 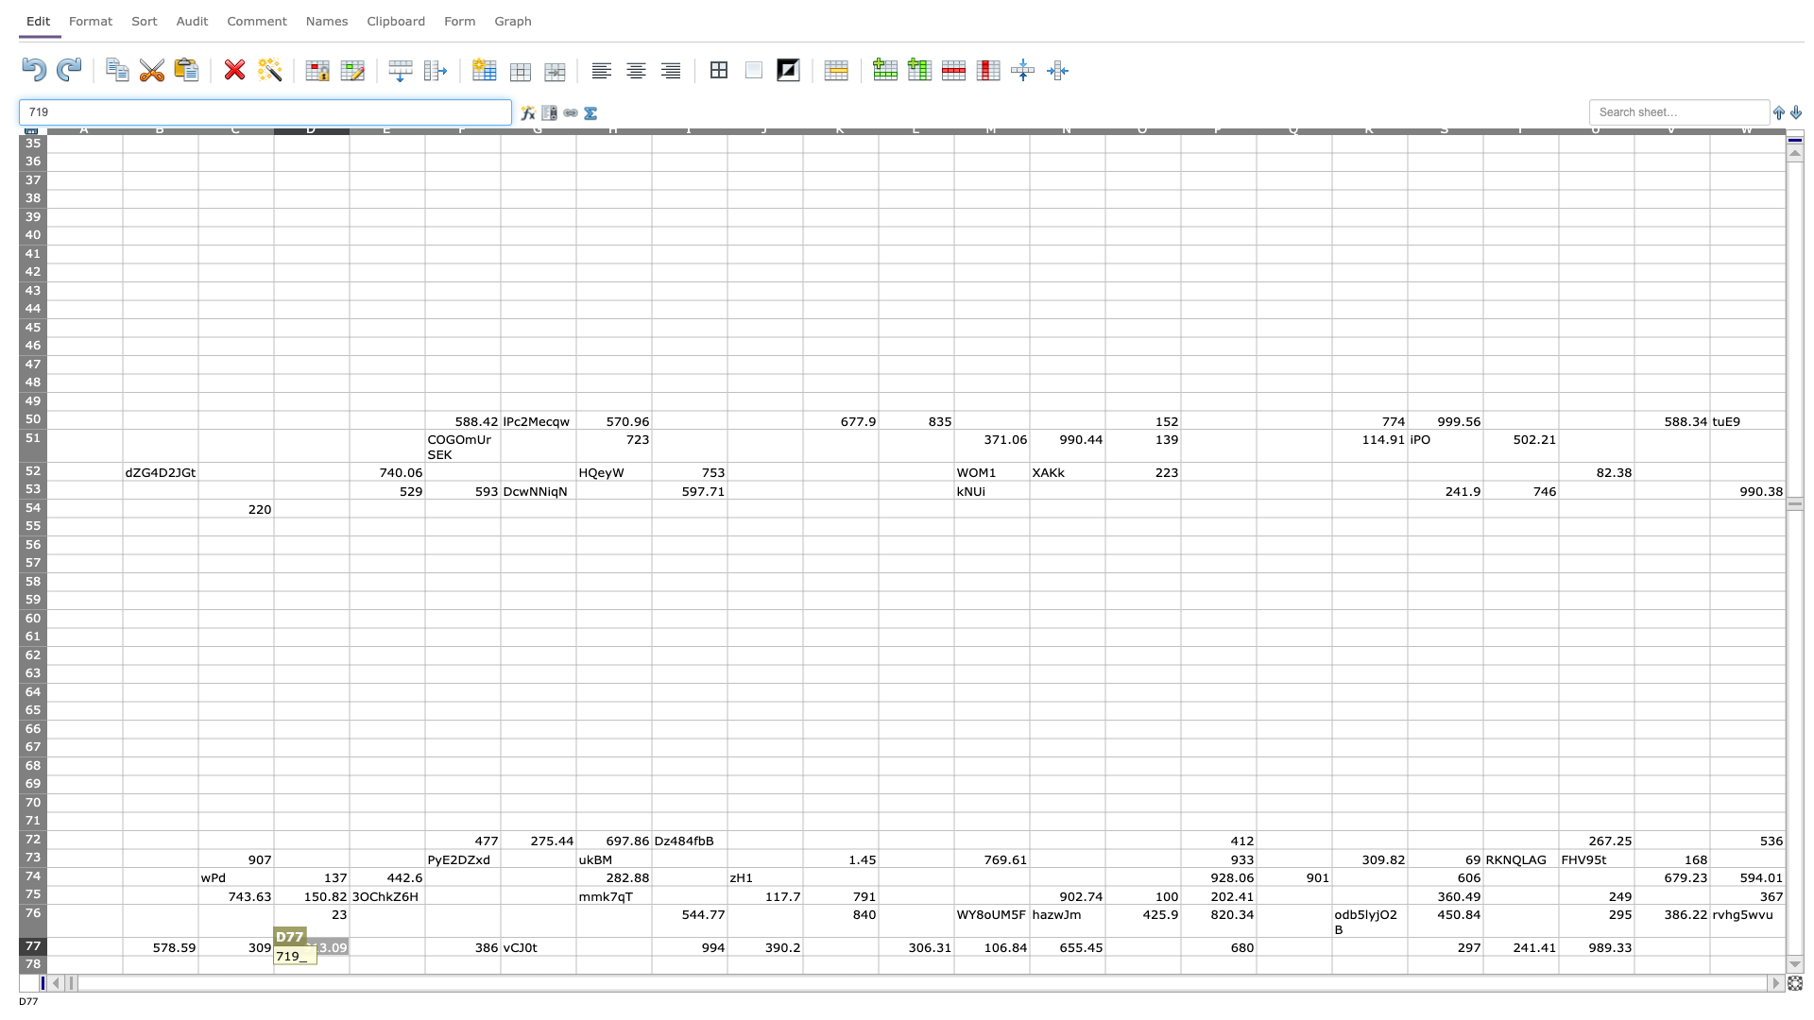 I want to click on Top left corner of F-78, so click(x=424, y=955).